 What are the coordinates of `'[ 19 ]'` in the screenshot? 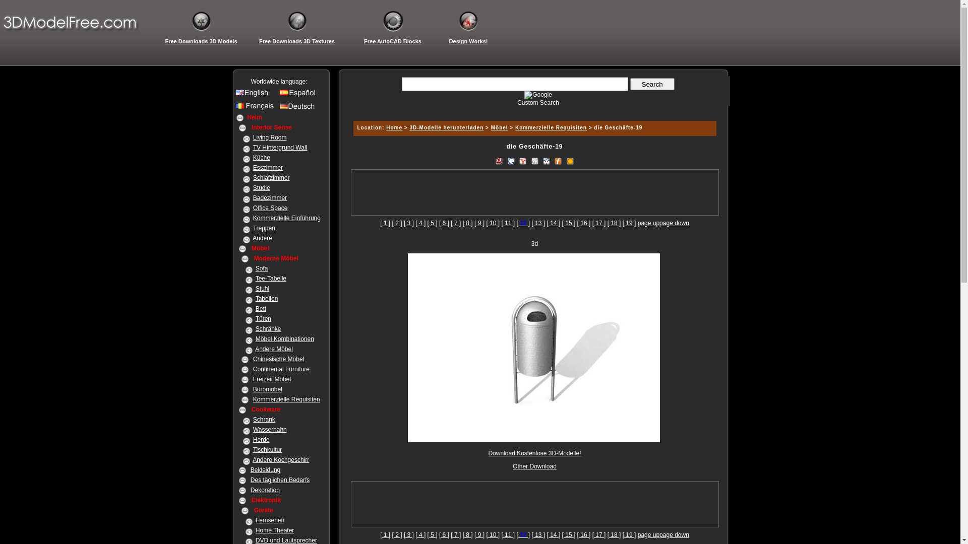 It's located at (622, 223).